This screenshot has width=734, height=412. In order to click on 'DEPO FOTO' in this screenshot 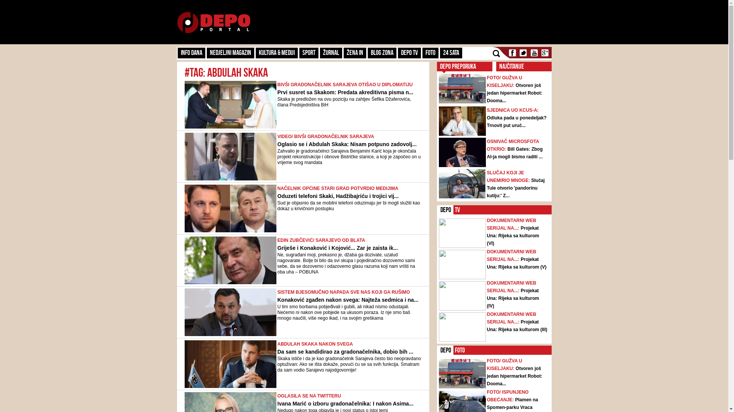, I will do `click(460, 350)`.